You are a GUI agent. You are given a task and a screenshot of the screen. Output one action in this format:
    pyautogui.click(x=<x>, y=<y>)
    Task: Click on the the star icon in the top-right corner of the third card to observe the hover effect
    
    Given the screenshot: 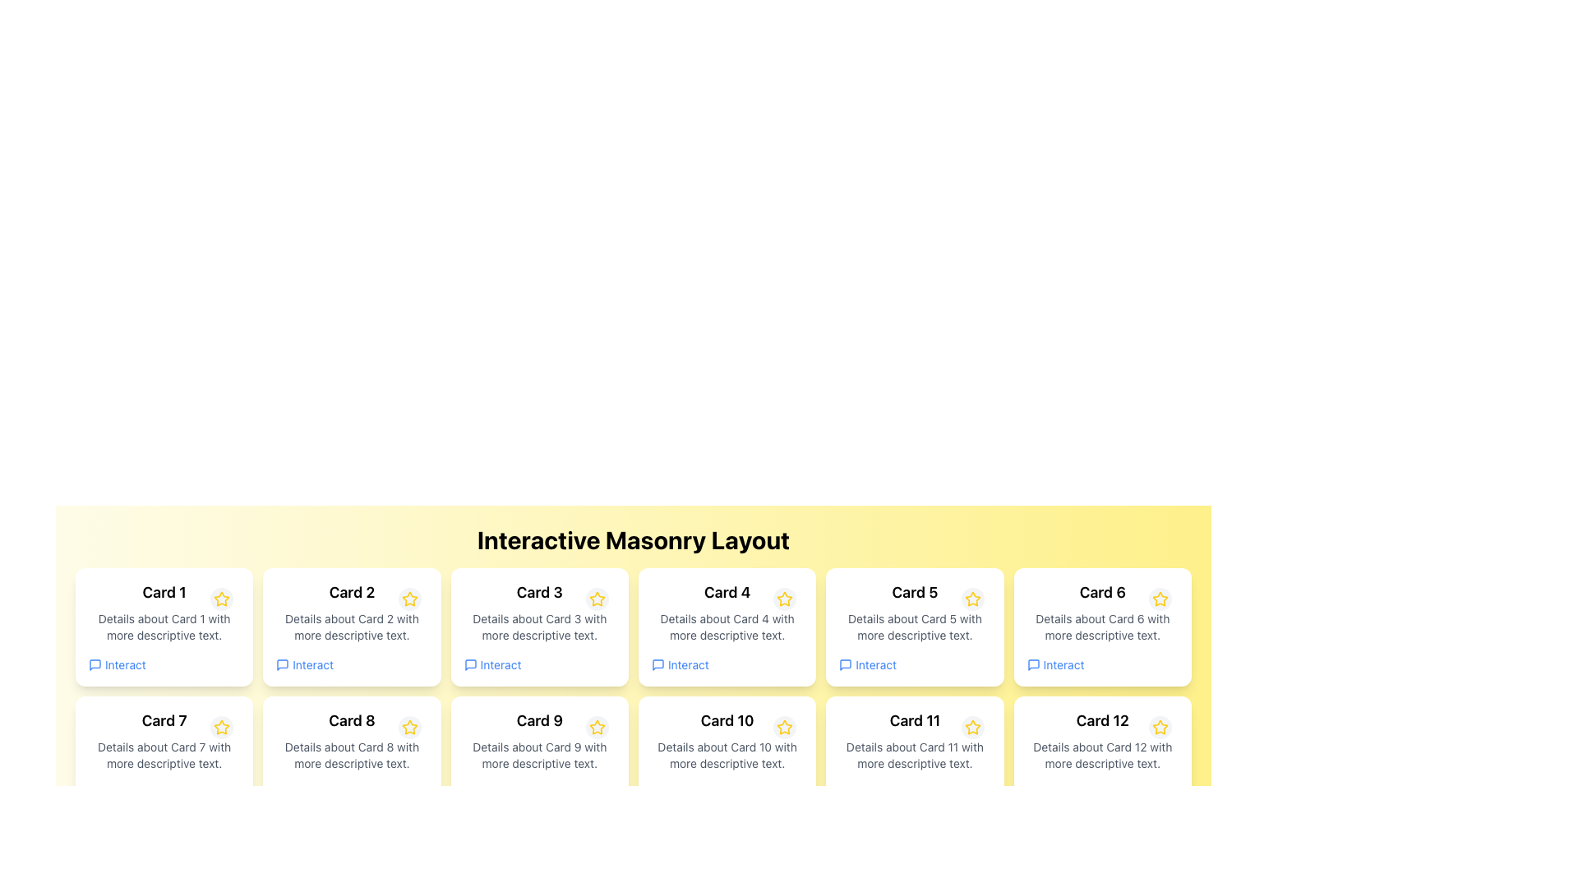 What is the action you would take?
    pyautogui.click(x=596, y=599)
    